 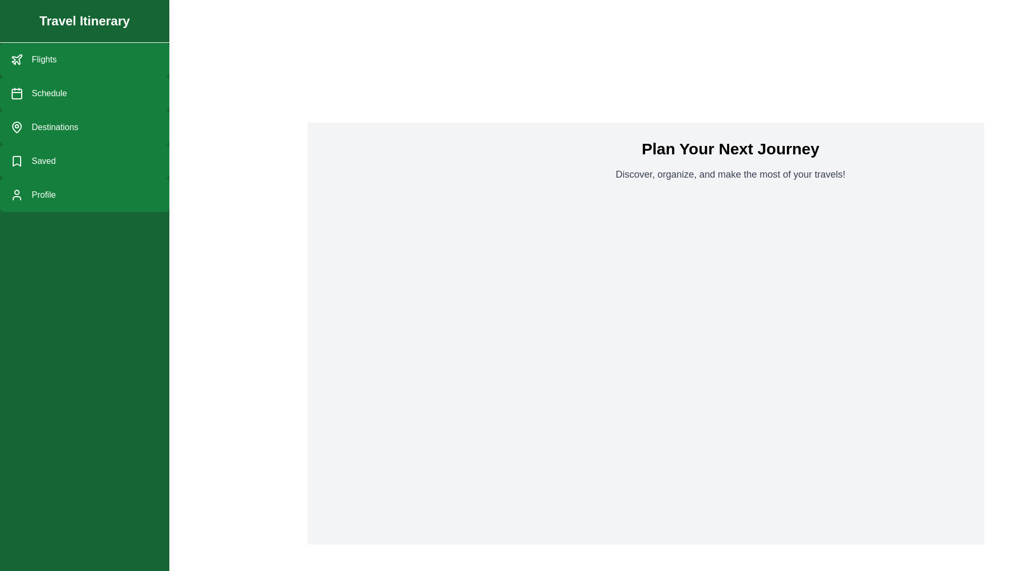 I want to click on the airplane icon located before the 'Flights' text in the vertical navigation menu, so click(x=17, y=59).